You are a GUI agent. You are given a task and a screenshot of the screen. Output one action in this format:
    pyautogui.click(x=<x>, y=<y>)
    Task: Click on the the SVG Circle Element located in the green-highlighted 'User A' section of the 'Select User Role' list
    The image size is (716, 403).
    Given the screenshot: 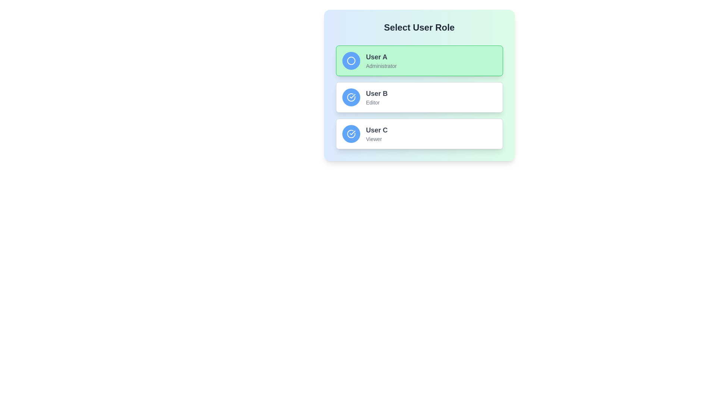 What is the action you would take?
    pyautogui.click(x=351, y=60)
    